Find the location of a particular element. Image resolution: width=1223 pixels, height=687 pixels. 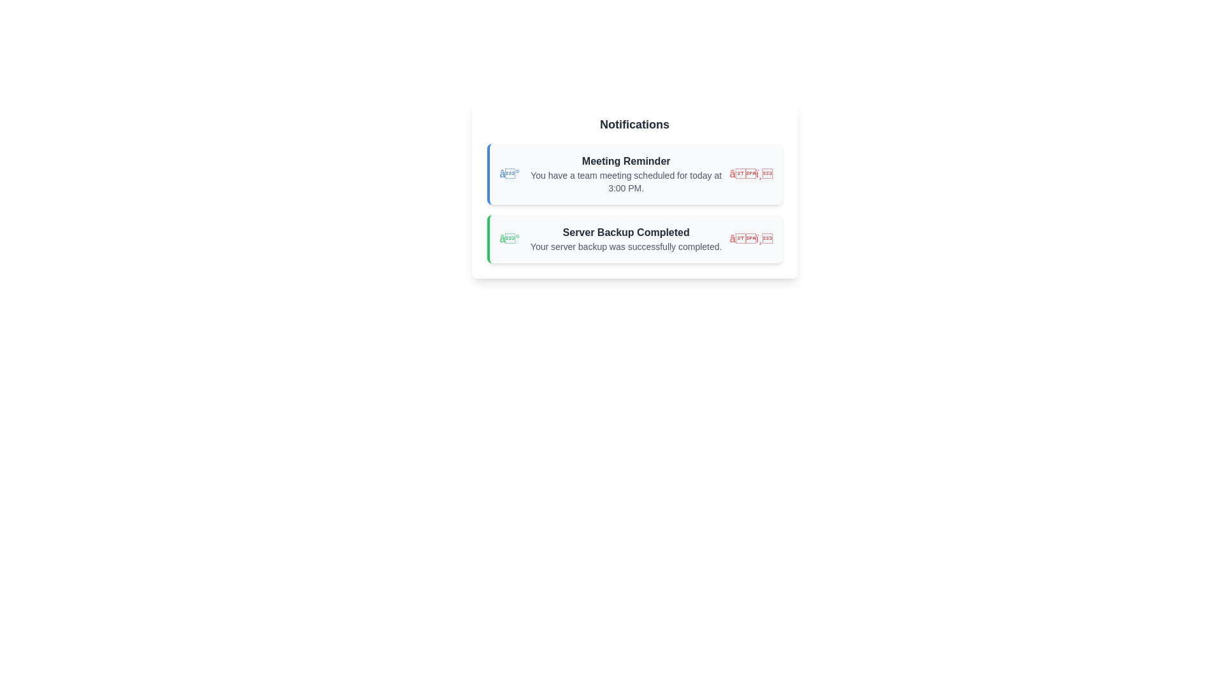

the Notification Text Content displaying 'Server Backup Completed' is located at coordinates (626, 239).